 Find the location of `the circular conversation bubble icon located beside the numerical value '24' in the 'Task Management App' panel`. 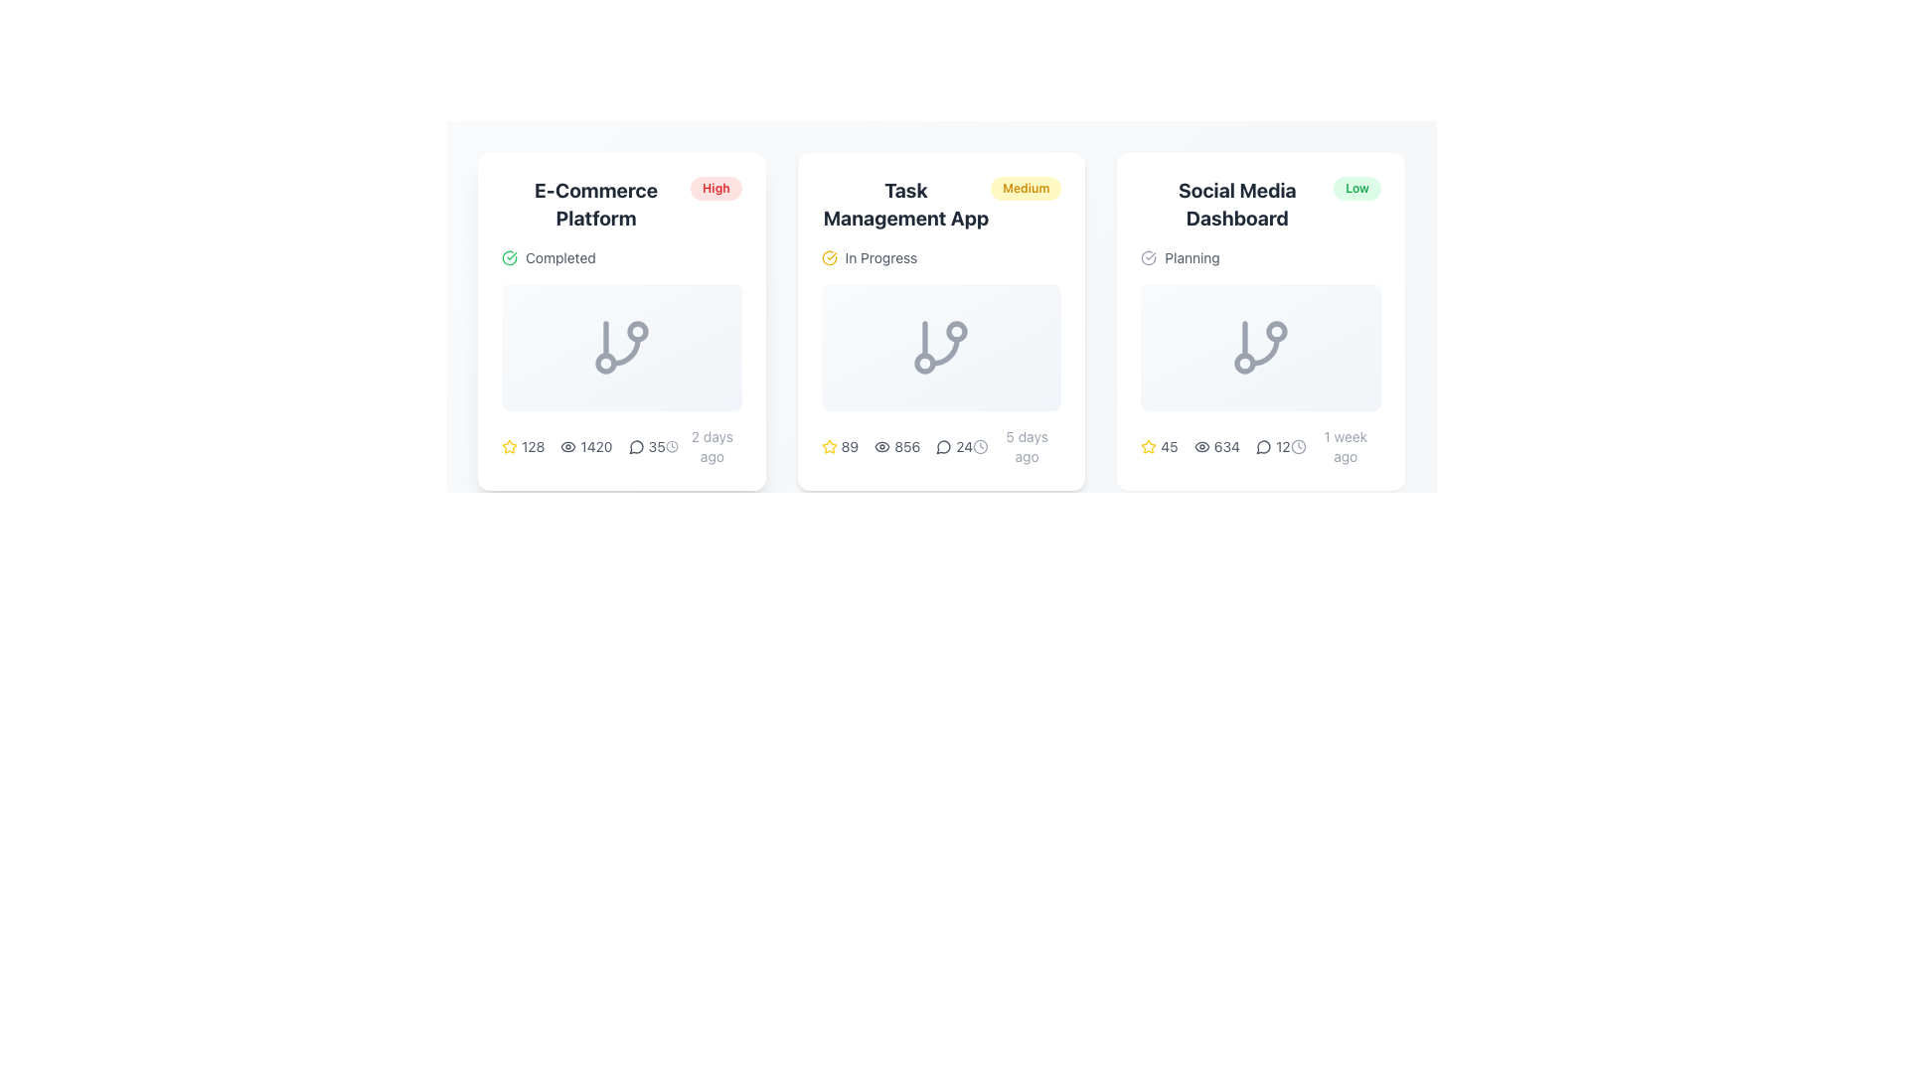

the circular conversation bubble icon located beside the numerical value '24' in the 'Task Management App' panel is located at coordinates (943, 447).